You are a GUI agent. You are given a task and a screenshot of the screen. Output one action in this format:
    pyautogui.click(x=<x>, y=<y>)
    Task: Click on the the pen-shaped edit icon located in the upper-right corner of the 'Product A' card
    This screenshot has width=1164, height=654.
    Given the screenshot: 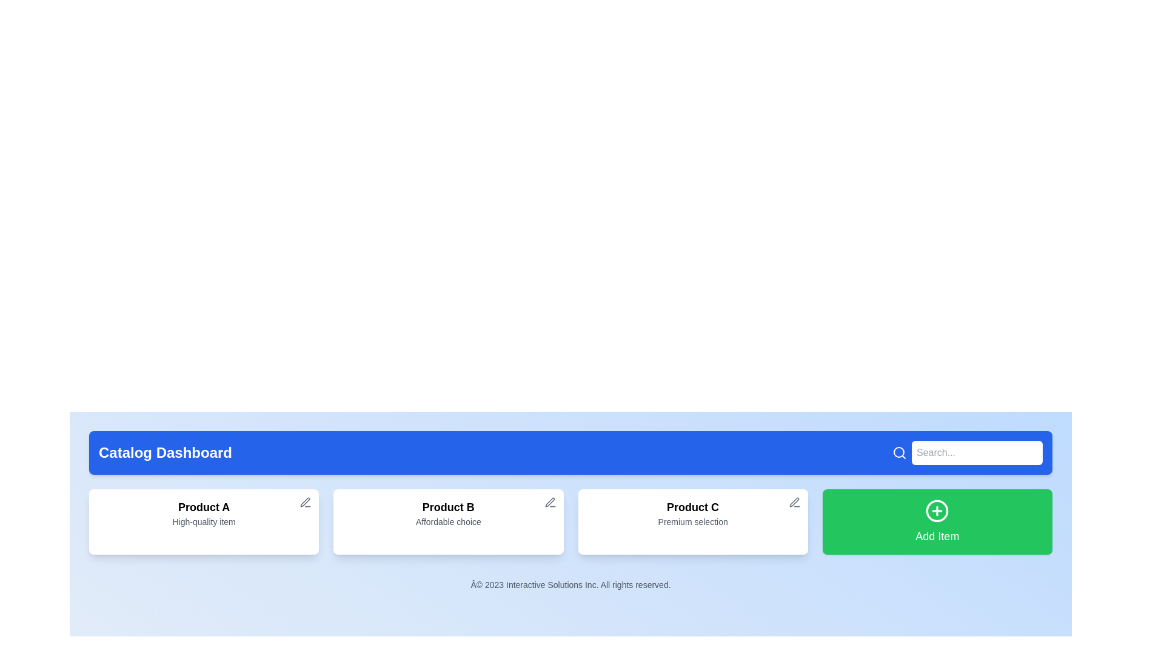 What is the action you would take?
    pyautogui.click(x=306, y=502)
    